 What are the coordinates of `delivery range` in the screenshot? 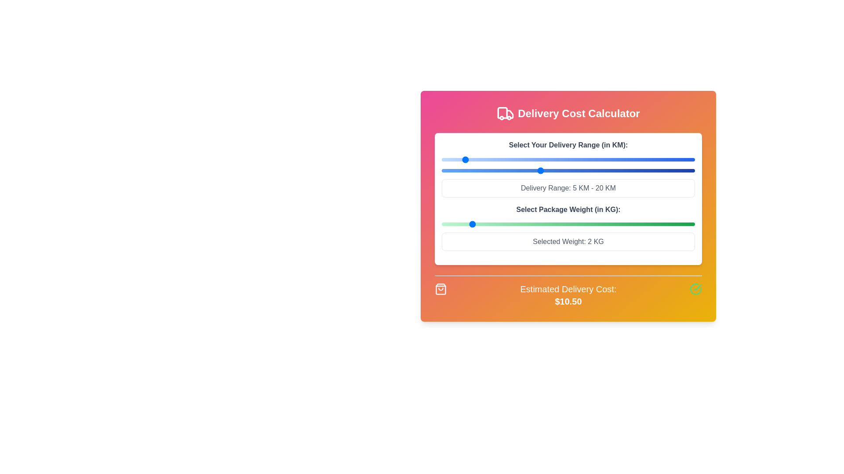 It's located at (591, 171).